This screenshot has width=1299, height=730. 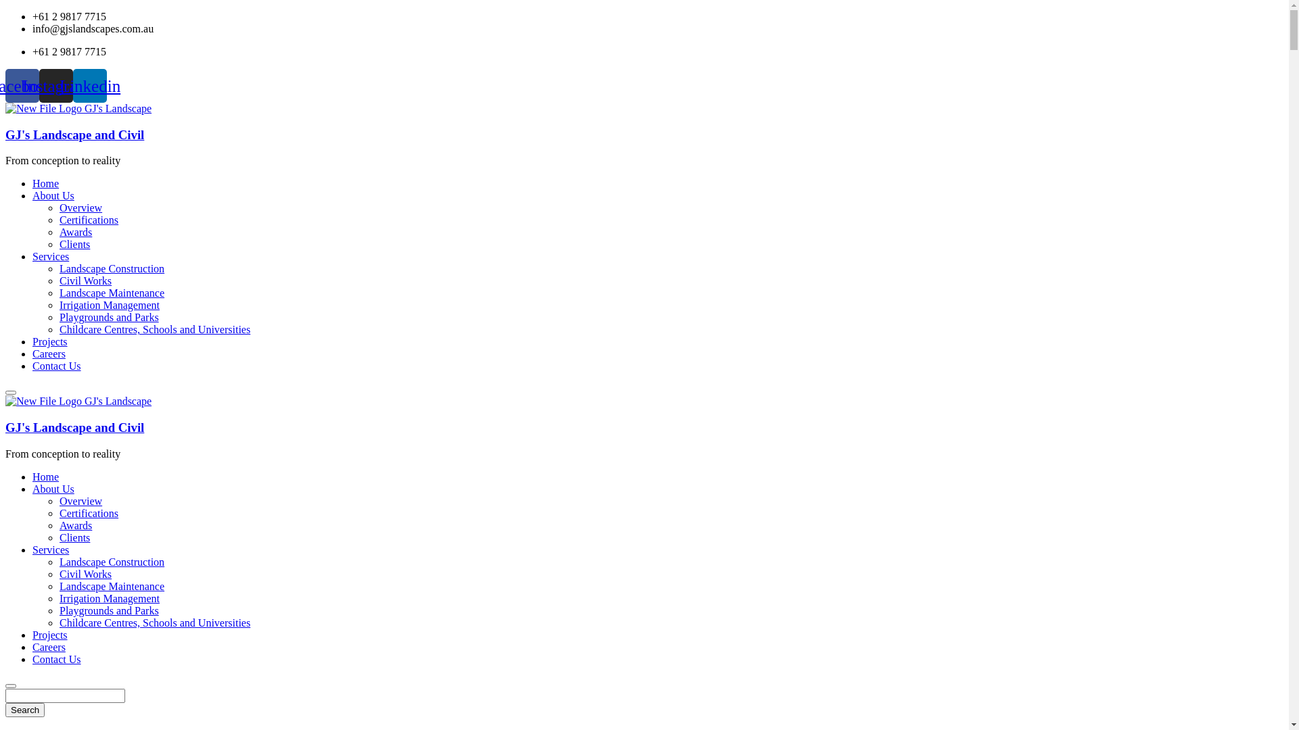 What do you see at coordinates (49, 635) in the screenshot?
I see `'Projects'` at bounding box center [49, 635].